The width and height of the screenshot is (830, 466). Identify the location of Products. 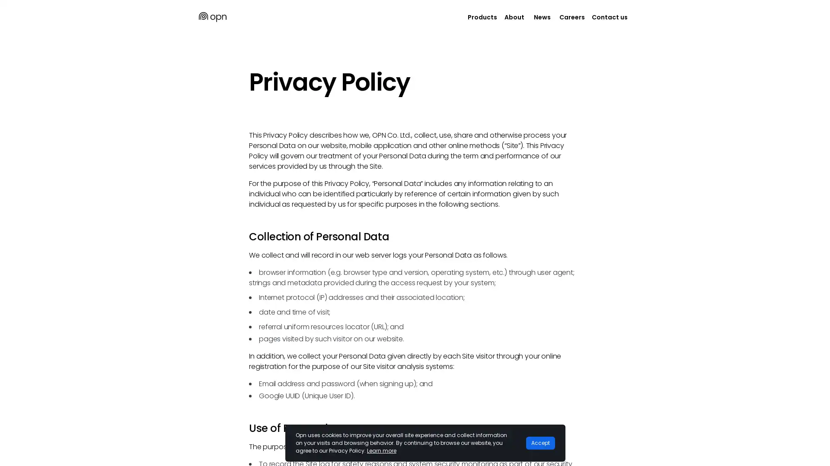
(482, 17).